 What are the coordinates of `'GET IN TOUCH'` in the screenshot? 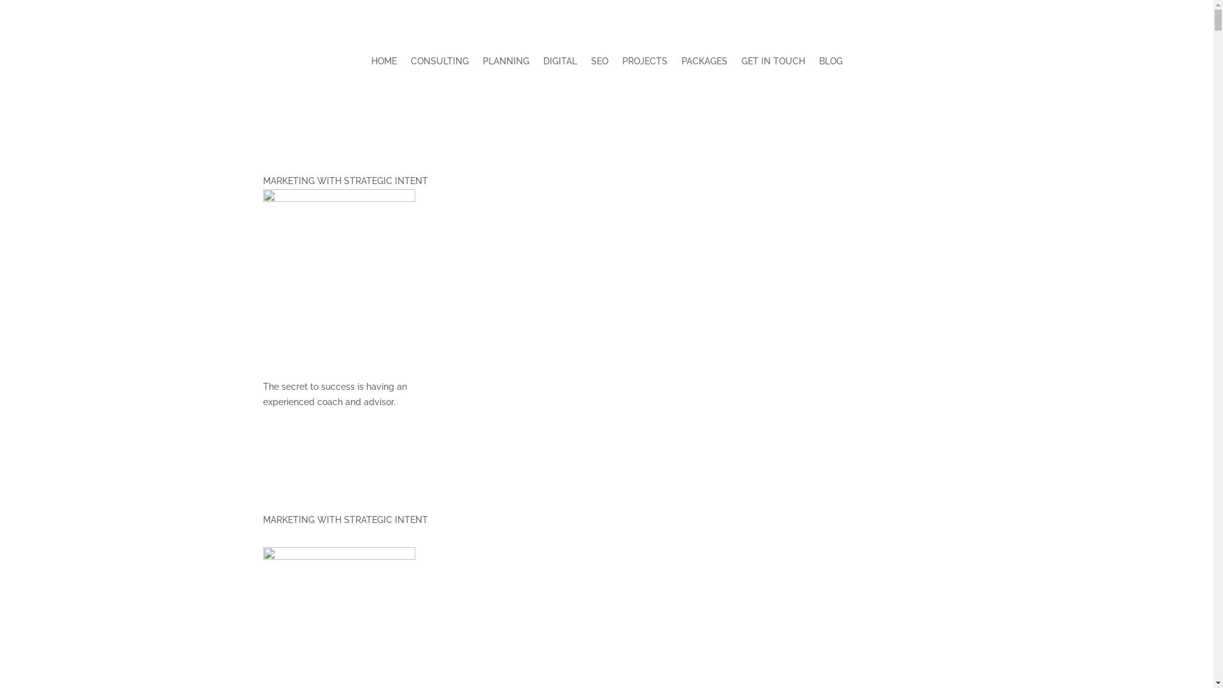 It's located at (773, 64).